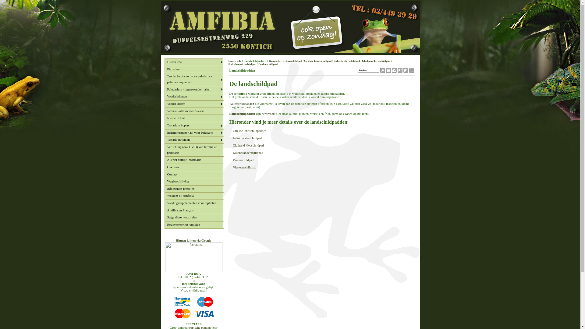 The height and width of the screenshot is (329, 585). Describe the element at coordinates (164, 104) in the screenshot. I see `'Voedseldieren'` at that location.